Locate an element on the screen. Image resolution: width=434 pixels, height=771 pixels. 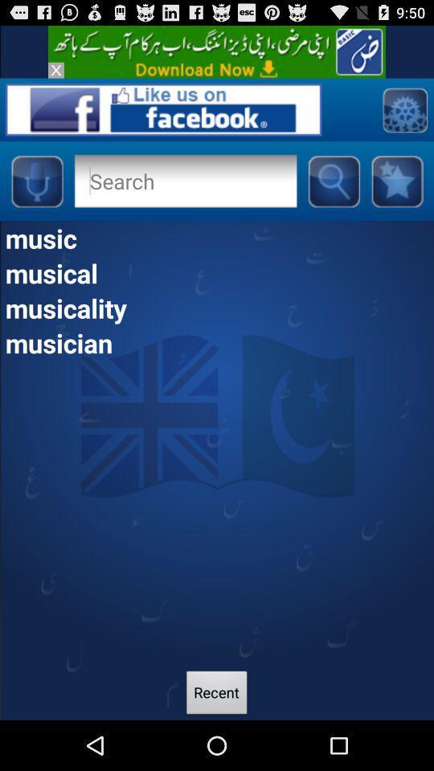
audio is located at coordinates (36, 181).